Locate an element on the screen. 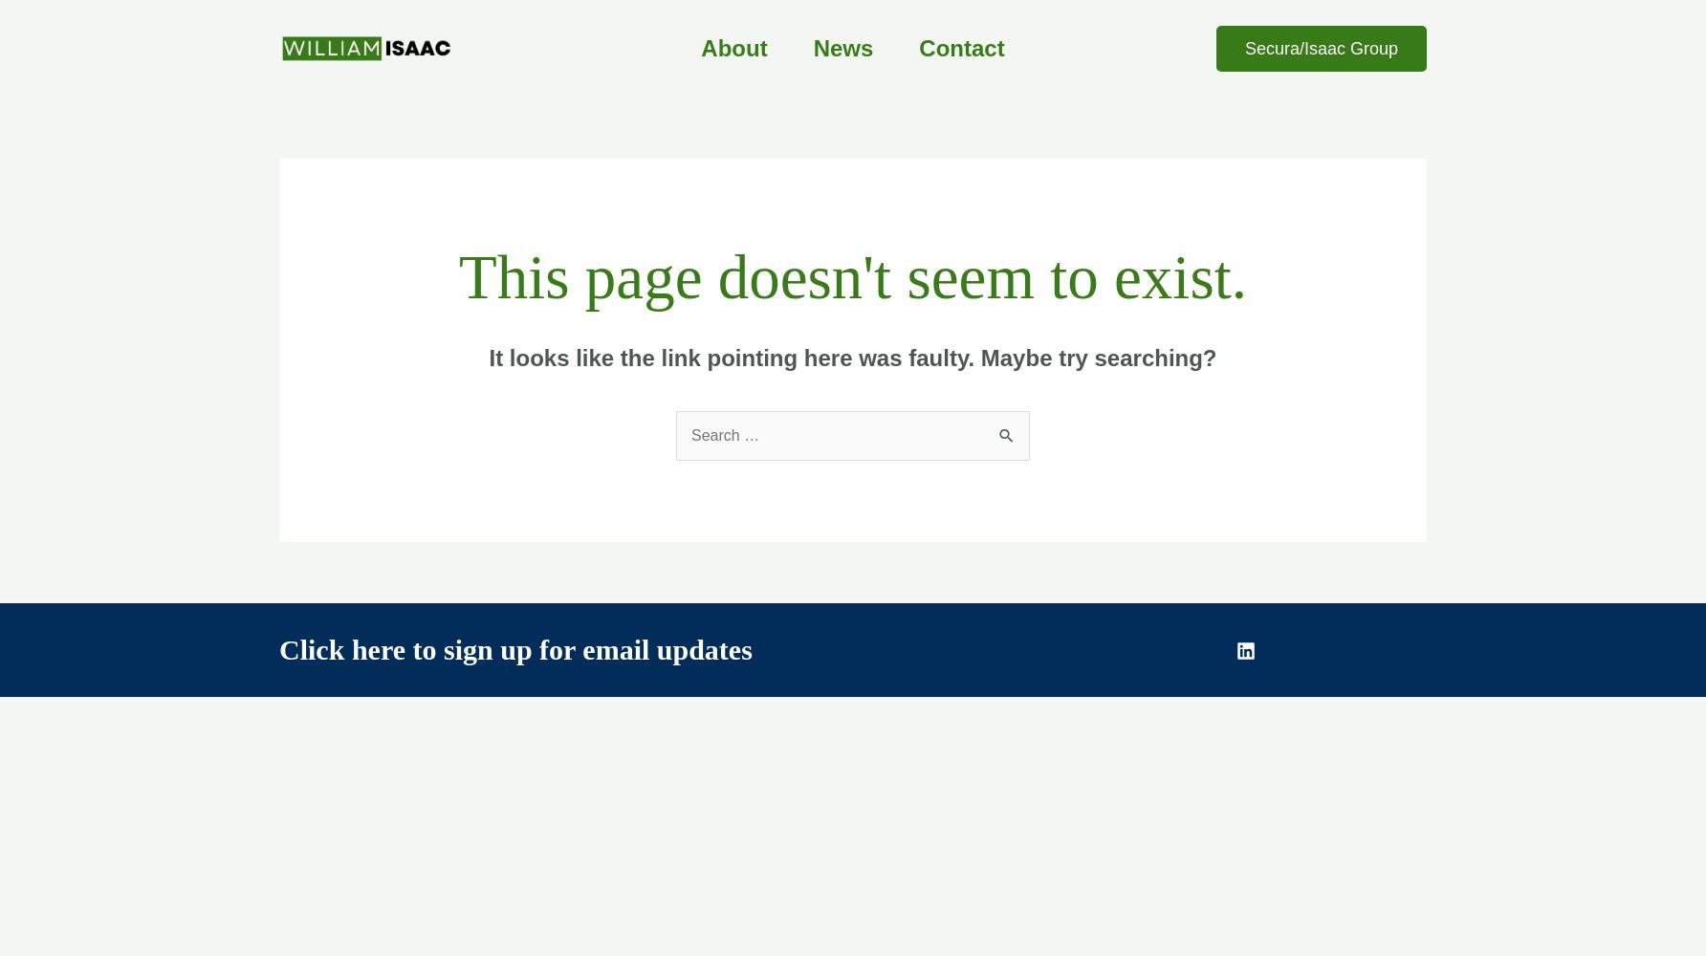 The width and height of the screenshot is (1706, 956). 'Contact' is located at coordinates (919, 48).